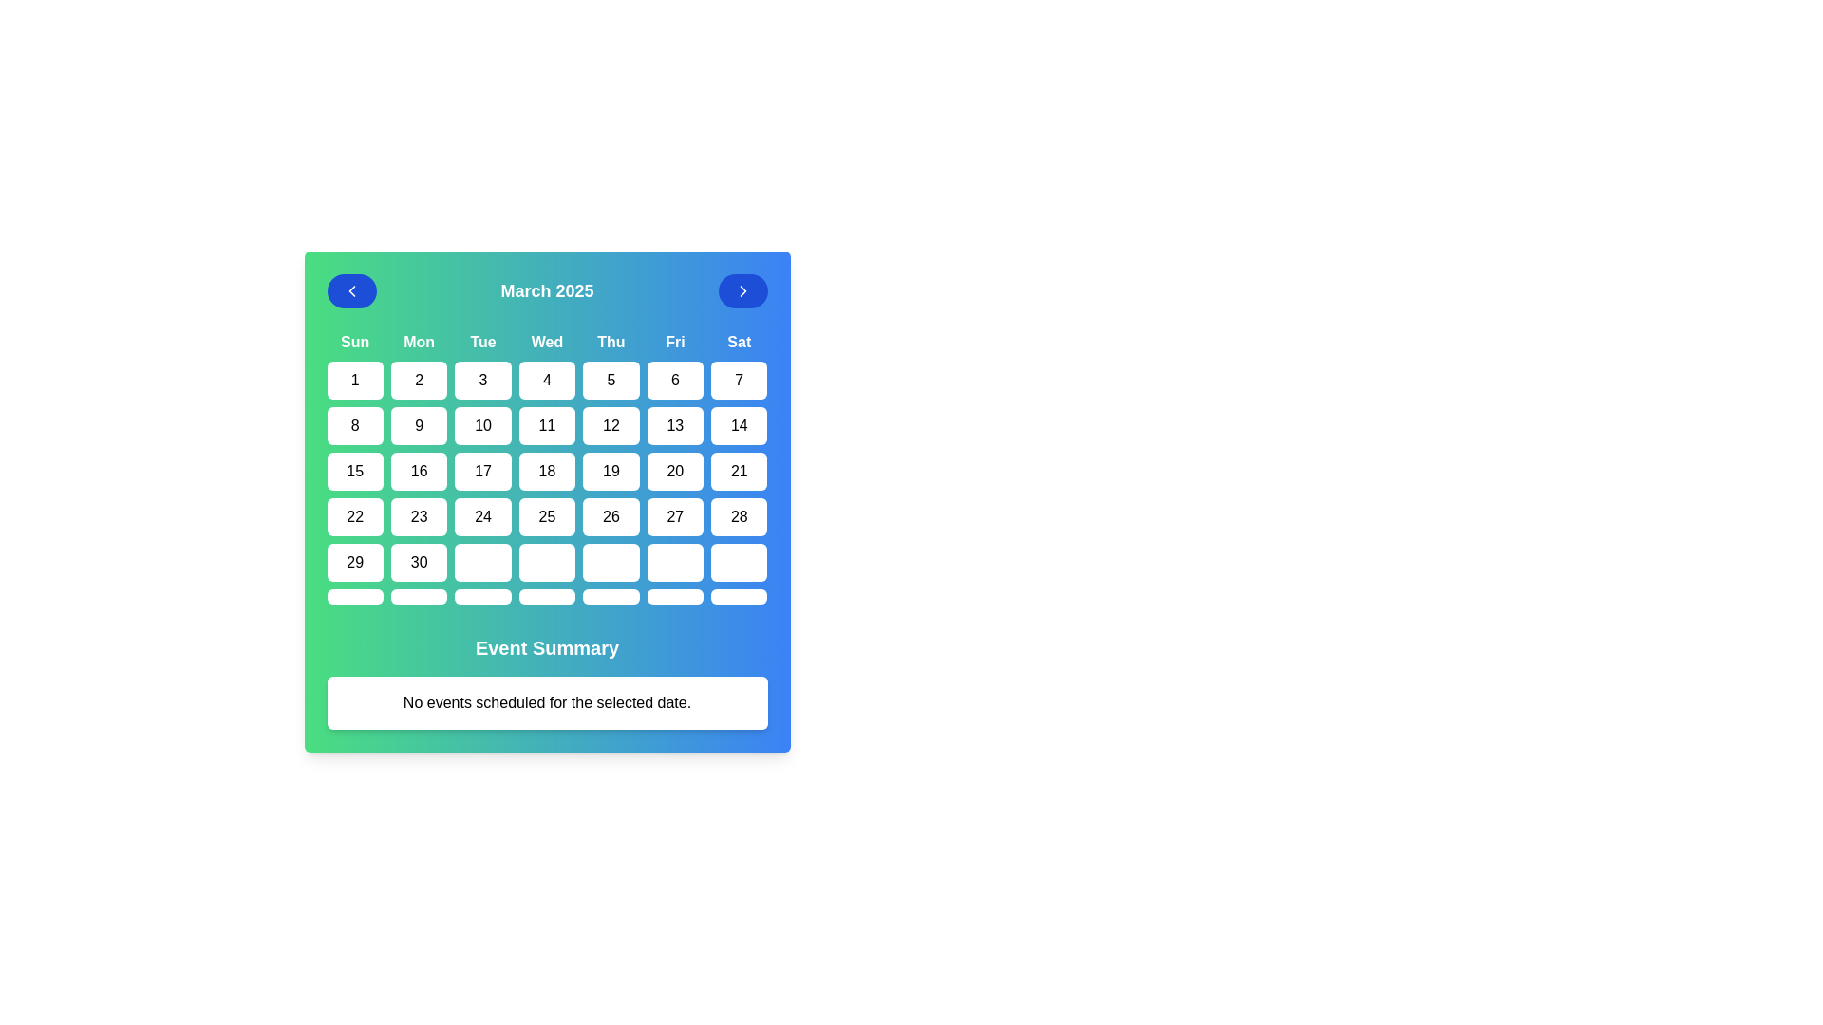  Describe the element at coordinates (738, 343) in the screenshot. I see `the static text label 'Sat', which is bold and centrally aligned, located in the topmost row of the calendar component as the last element in that row` at that location.